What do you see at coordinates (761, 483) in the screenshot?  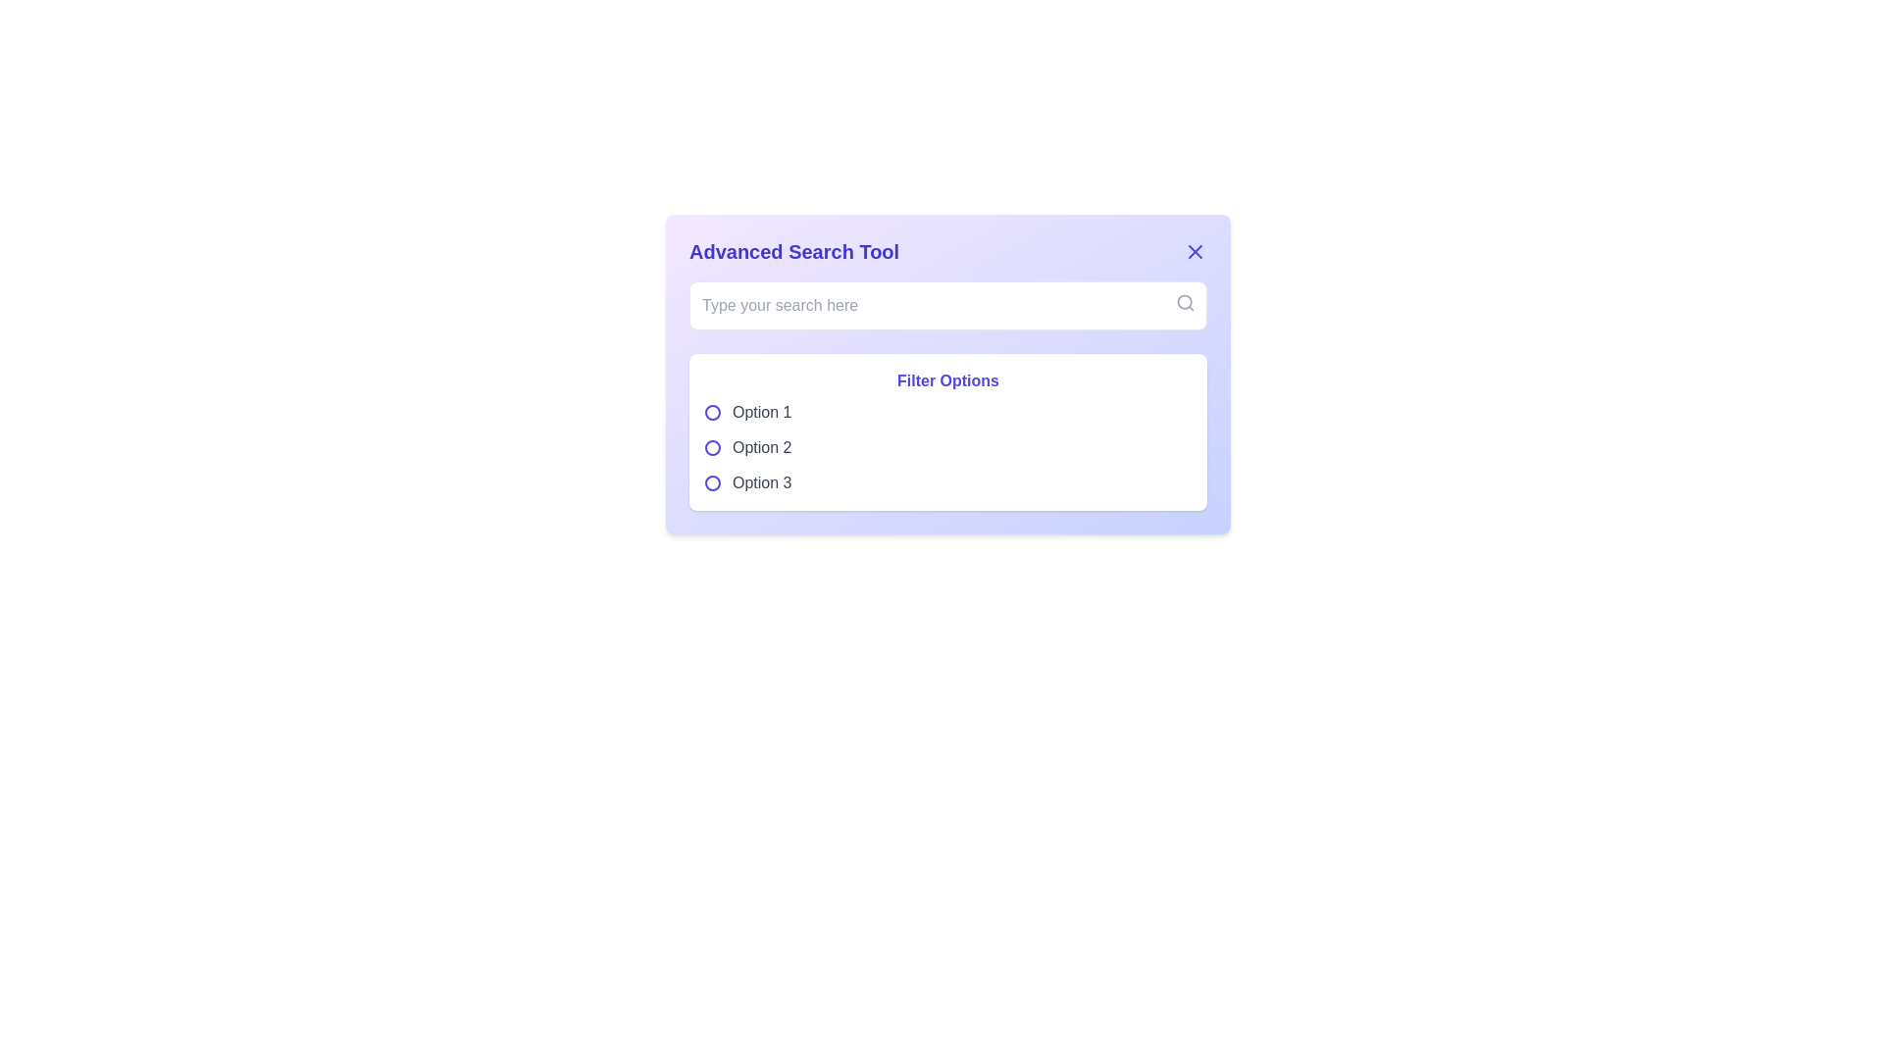 I see `the static text label 'Option 3' that identifies the third selectable option in the filter options of the 'Advanced Search Tool' modal` at bounding box center [761, 483].